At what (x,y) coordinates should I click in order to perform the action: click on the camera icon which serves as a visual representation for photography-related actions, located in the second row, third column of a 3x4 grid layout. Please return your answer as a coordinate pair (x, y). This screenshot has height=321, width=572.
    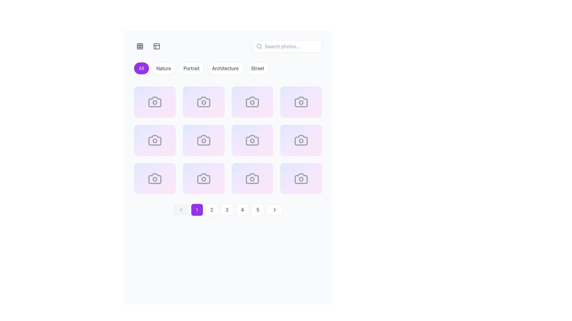
    Looking at the image, I should click on (155, 140).